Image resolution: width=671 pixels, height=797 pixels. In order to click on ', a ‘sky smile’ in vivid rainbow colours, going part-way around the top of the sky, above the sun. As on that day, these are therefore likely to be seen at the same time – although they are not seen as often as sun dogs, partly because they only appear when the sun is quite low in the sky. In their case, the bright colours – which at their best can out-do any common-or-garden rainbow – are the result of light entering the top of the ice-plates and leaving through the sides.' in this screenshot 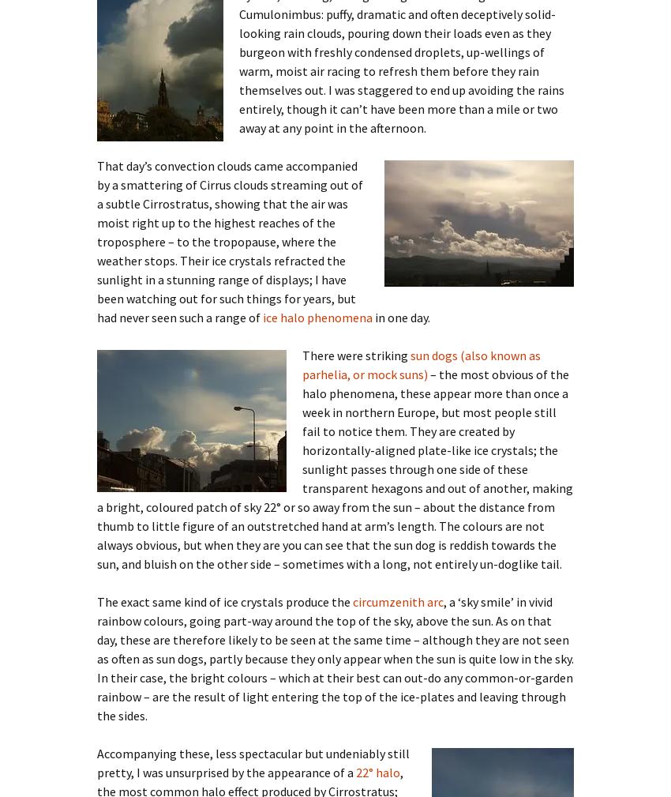, I will do `click(335, 658)`.